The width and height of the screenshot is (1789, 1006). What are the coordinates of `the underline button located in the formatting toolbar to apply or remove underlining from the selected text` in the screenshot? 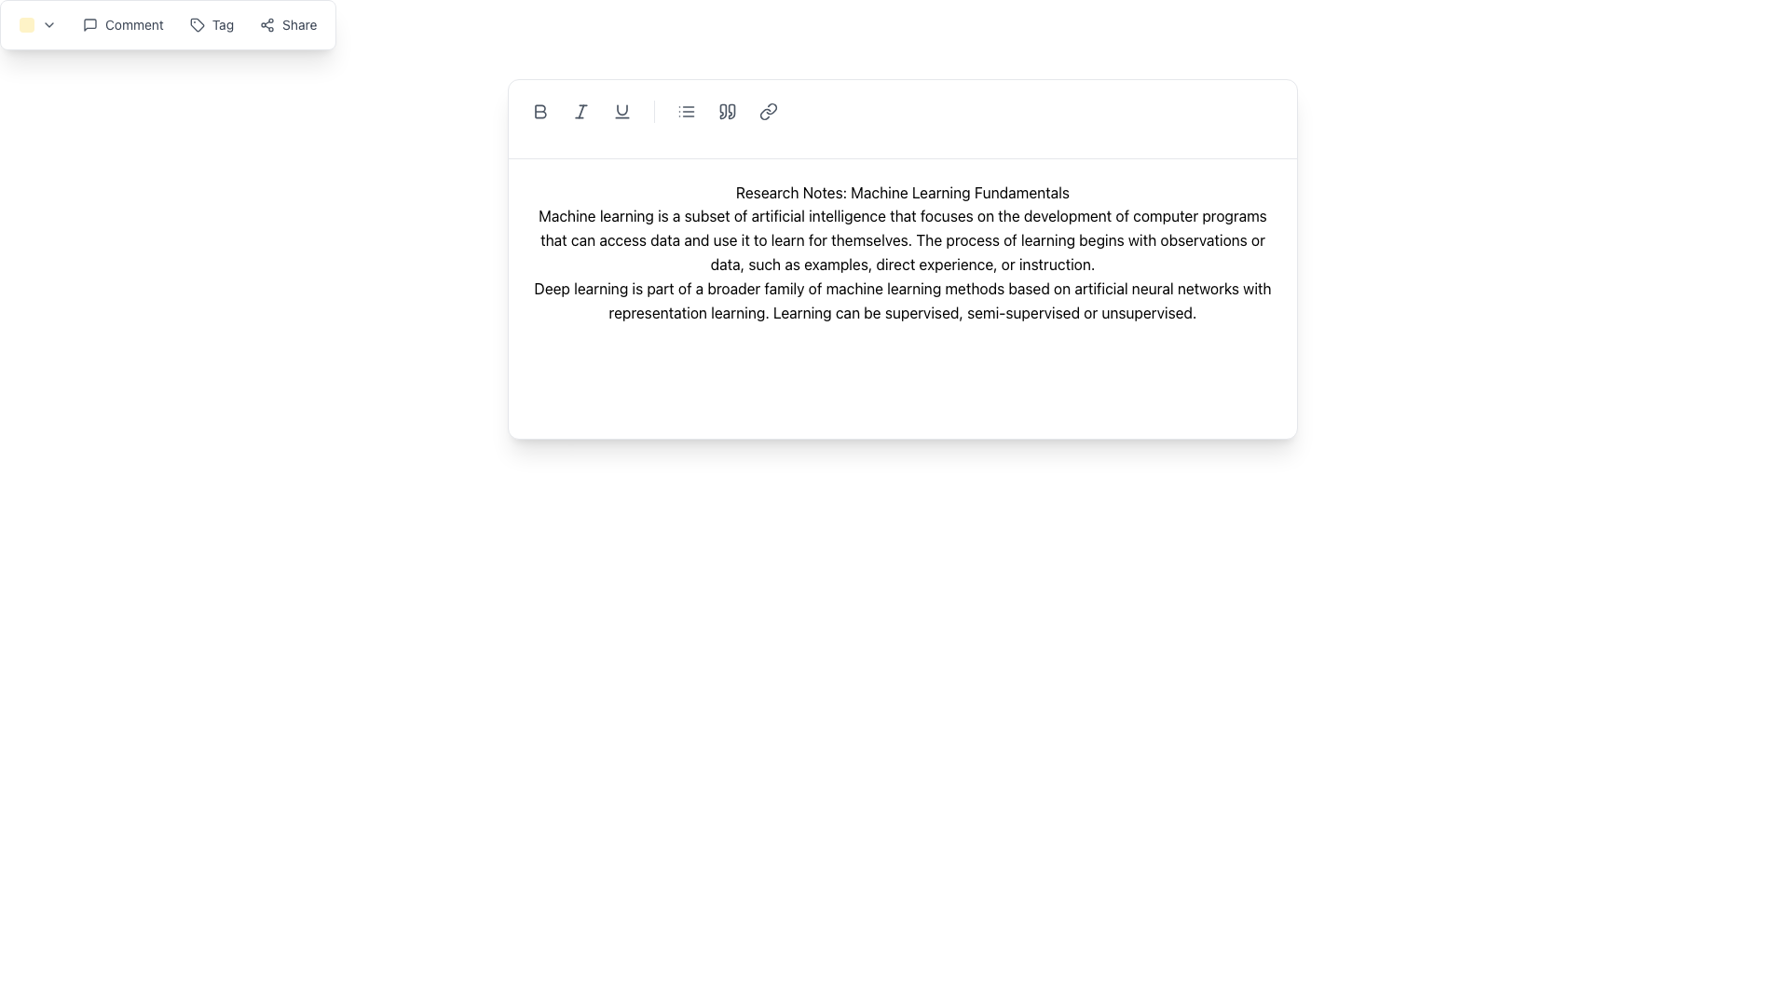 It's located at (621, 111).